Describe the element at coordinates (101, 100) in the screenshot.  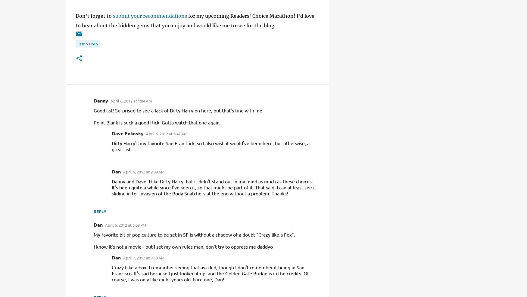
I see `'Danny'` at that location.